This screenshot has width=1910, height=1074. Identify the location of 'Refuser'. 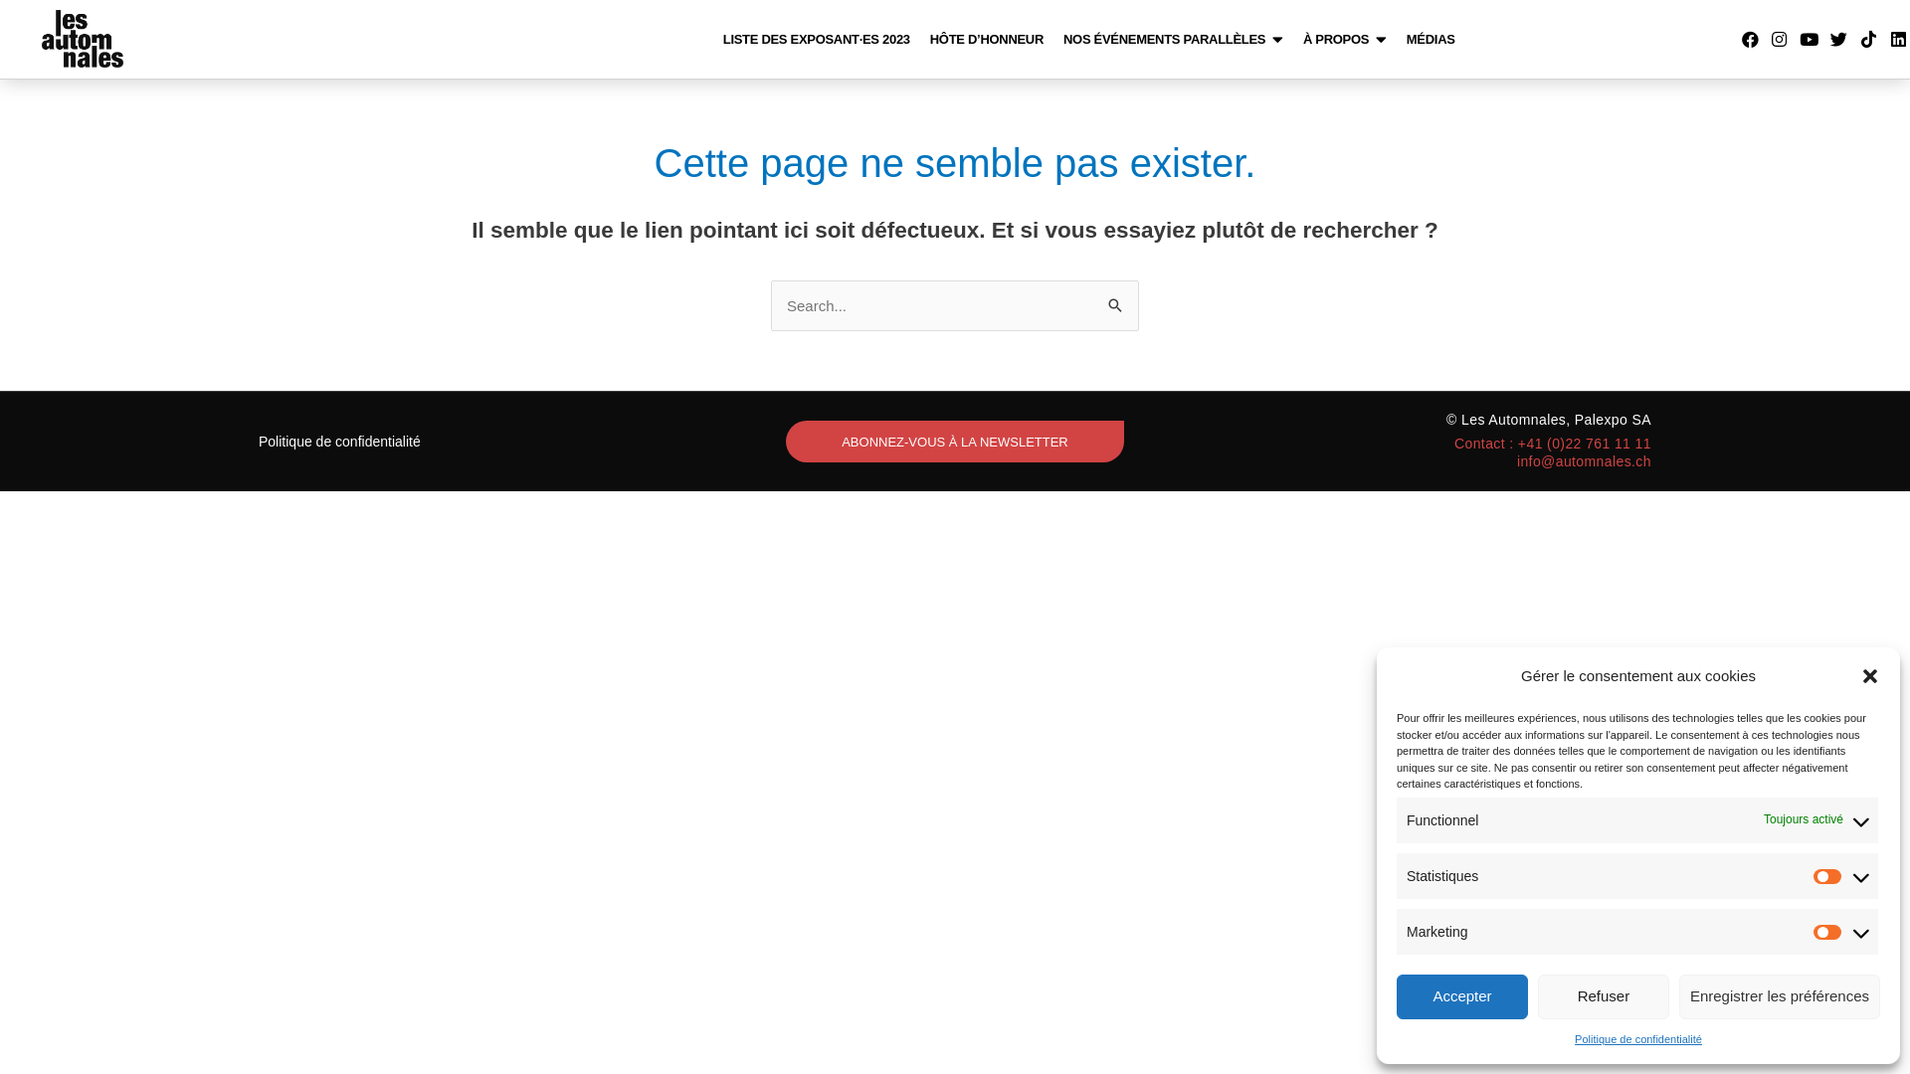
(1604, 996).